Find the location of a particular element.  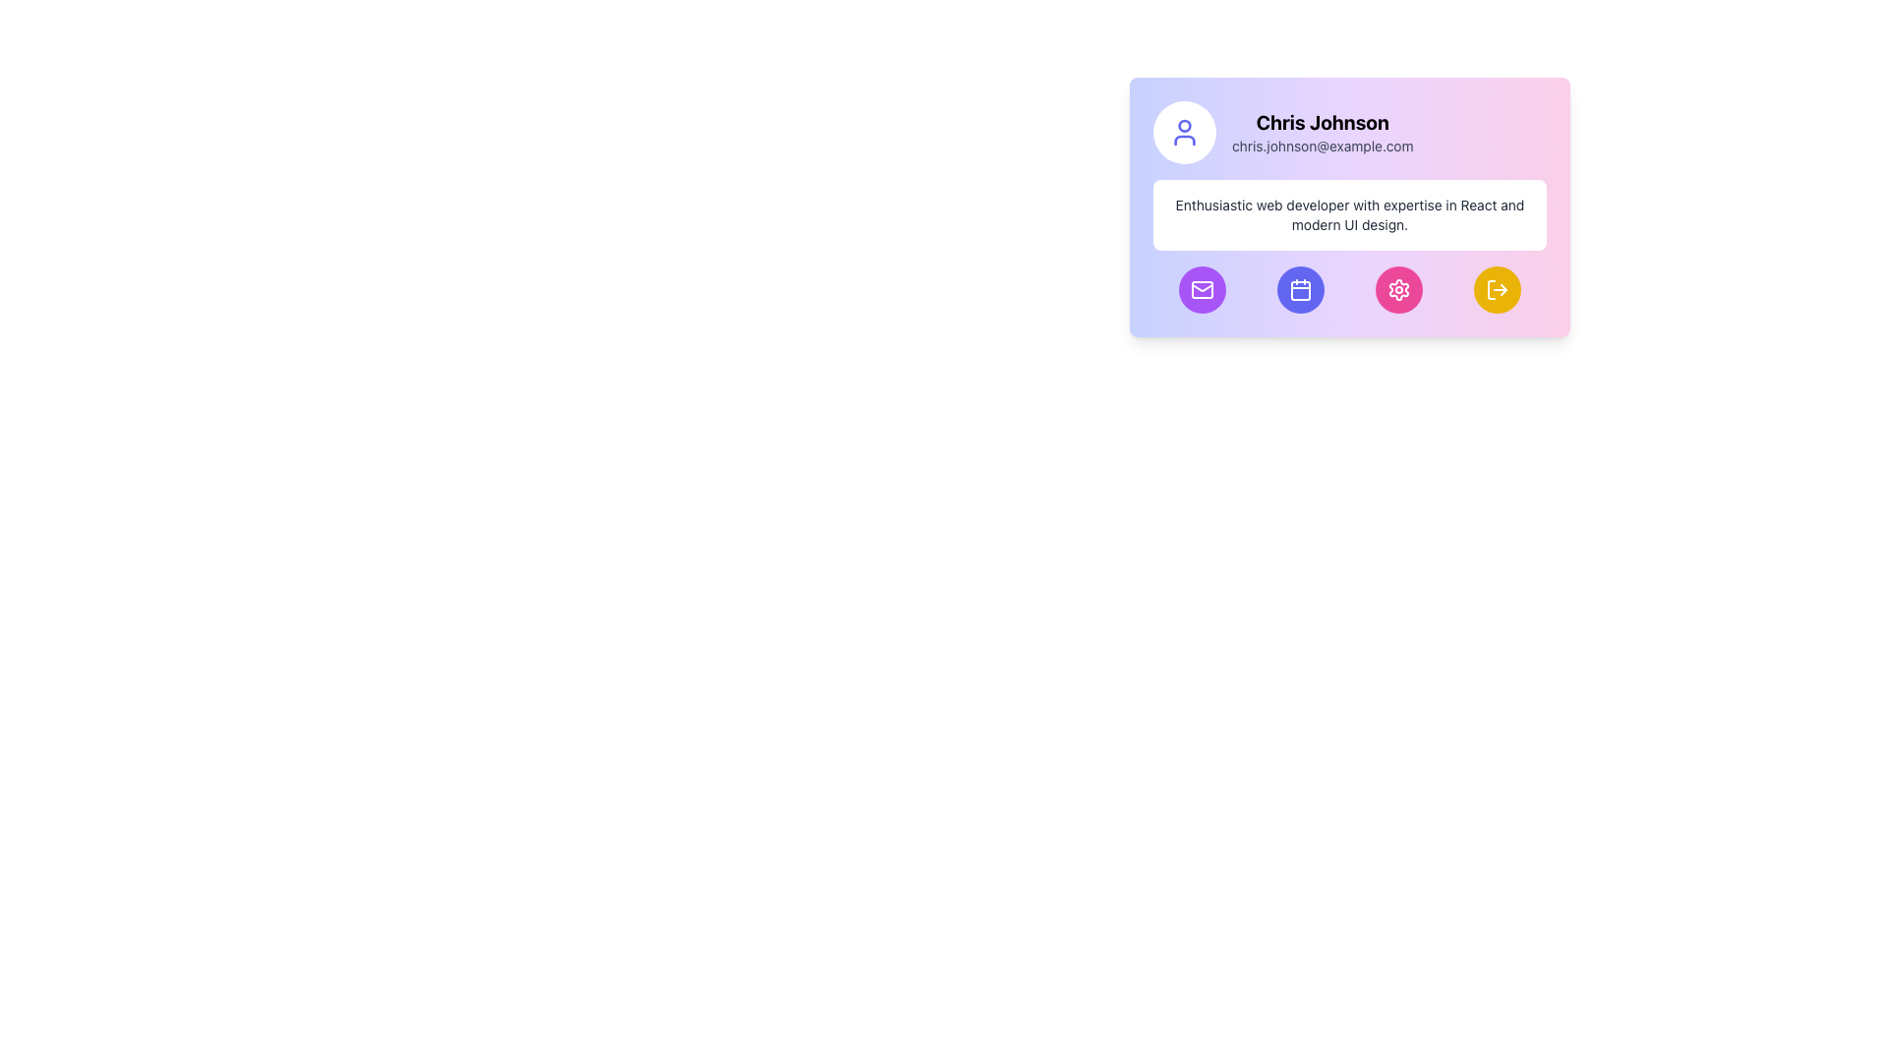

the logout icon, which is a vector graphic located at the lower right of the card interface, to initiate the logout process is located at coordinates (1491, 289).